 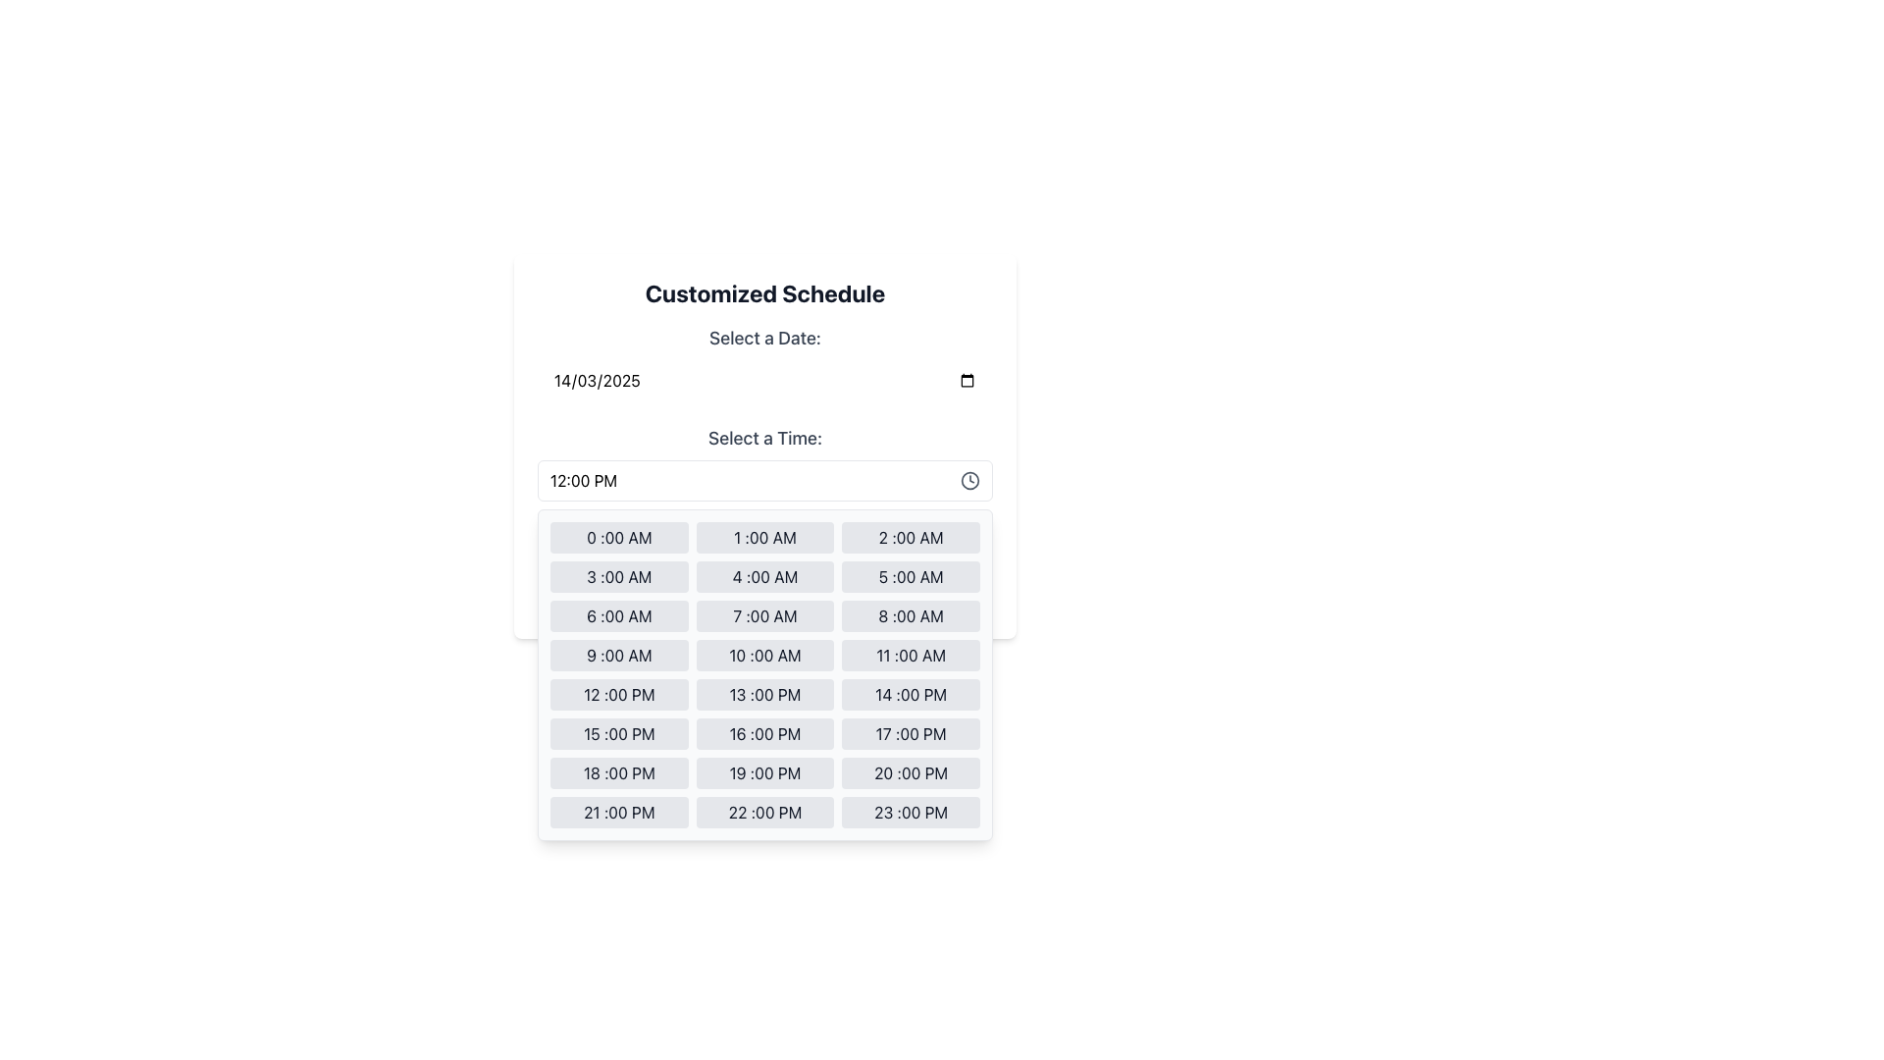 I want to click on the date input field located below the 'Select a Date:' label in the 'Customized Schedule' card, so click(x=763, y=381).